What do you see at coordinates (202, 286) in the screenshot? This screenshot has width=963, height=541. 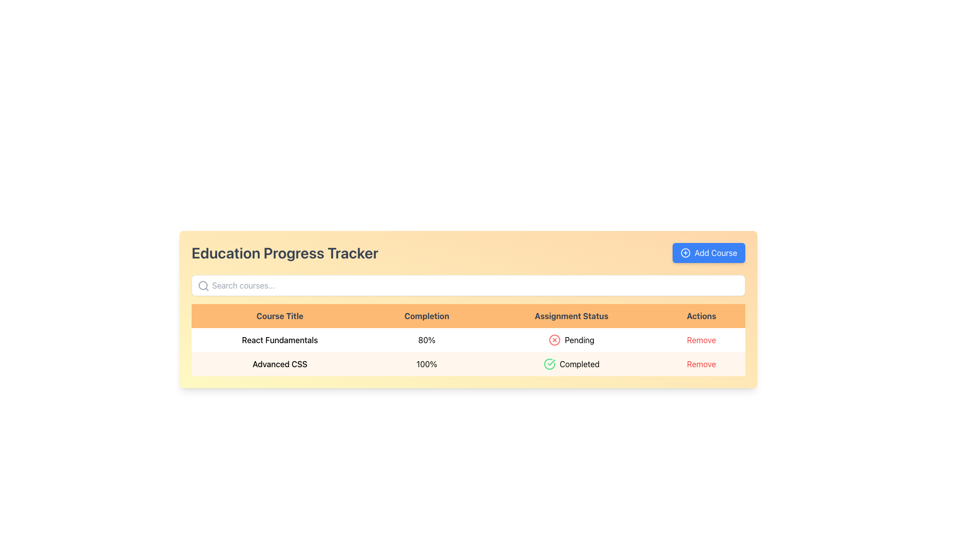 I see `the circular graphical component that represents the lens of the magnifying glass in the search icon, located within the search bar beneath the title 'Education Progress Tracker'` at bounding box center [202, 286].